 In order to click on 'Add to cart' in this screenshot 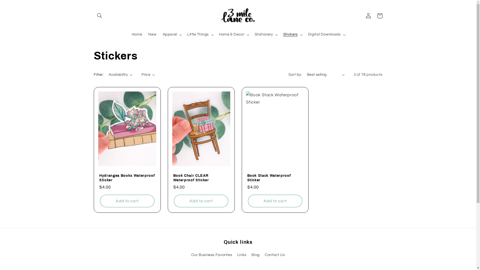, I will do `click(275, 200)`.